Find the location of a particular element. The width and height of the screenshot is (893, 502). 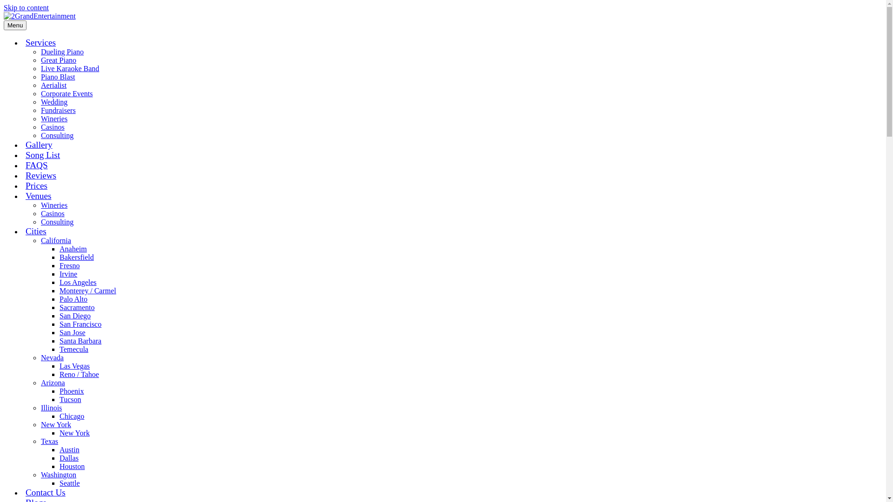

'Palo Alto' is located at coordinates (73, 299).